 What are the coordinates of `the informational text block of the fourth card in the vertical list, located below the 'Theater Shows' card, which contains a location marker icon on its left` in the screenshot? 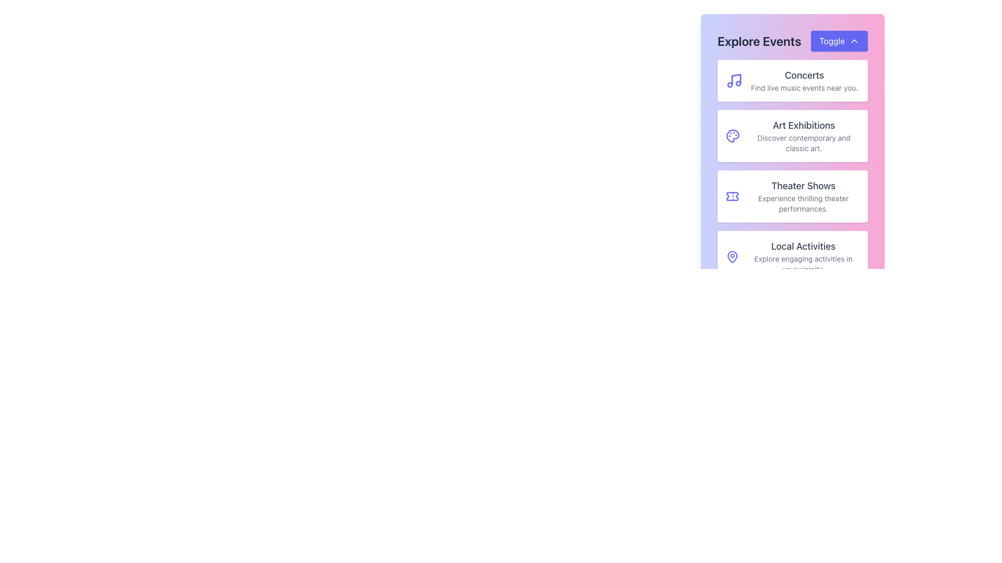 It's located at (803, 257).